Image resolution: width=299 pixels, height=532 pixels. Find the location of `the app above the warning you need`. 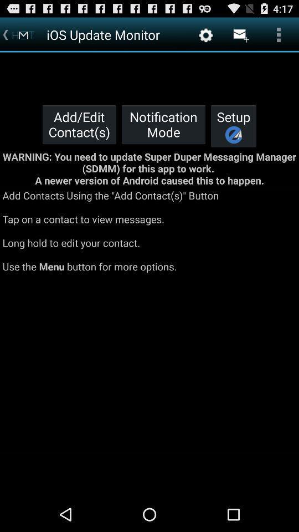

the app above the warning you need is located at coordinates (163, 124).